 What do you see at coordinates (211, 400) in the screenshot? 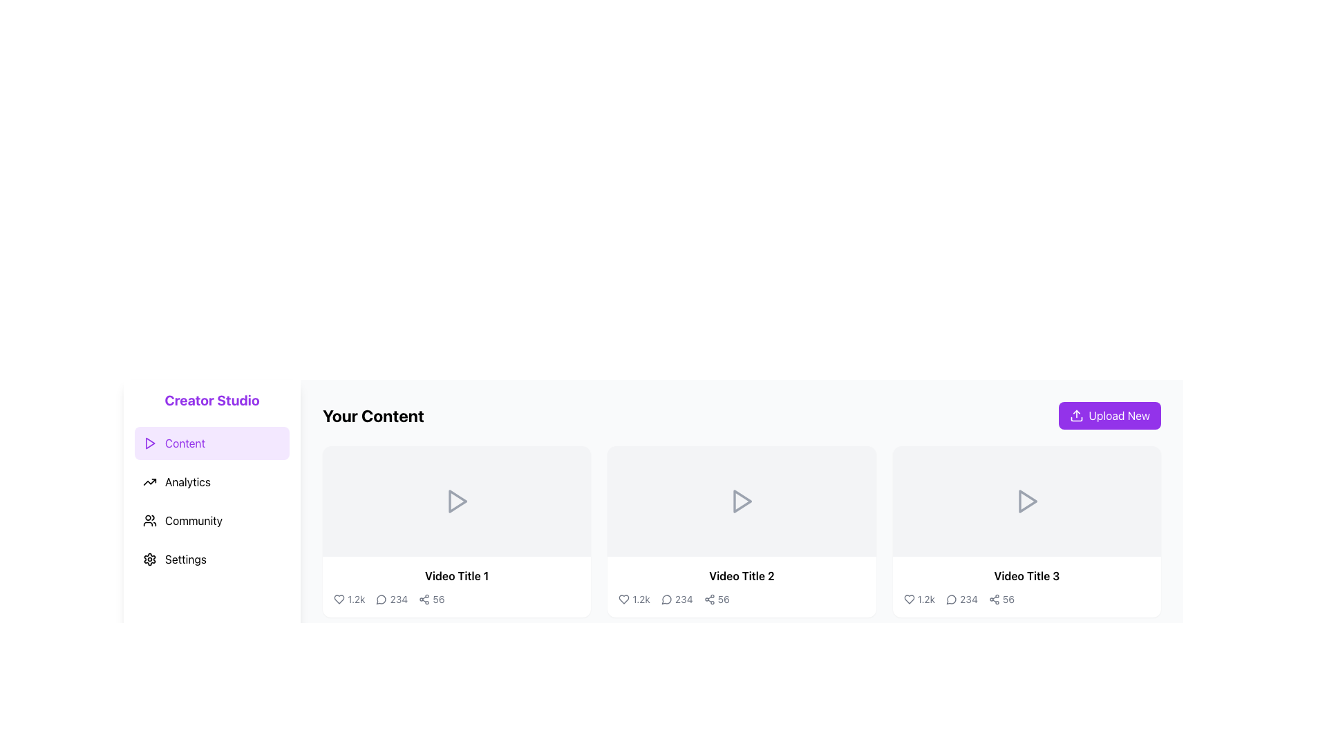
I see `the bold purple text header 'Creator Studio' located at the top of the left sidebar, above the menu items such as 'Content', 'Analytics', 'Community', and 'Settings'` at bounding box center [211, 400].